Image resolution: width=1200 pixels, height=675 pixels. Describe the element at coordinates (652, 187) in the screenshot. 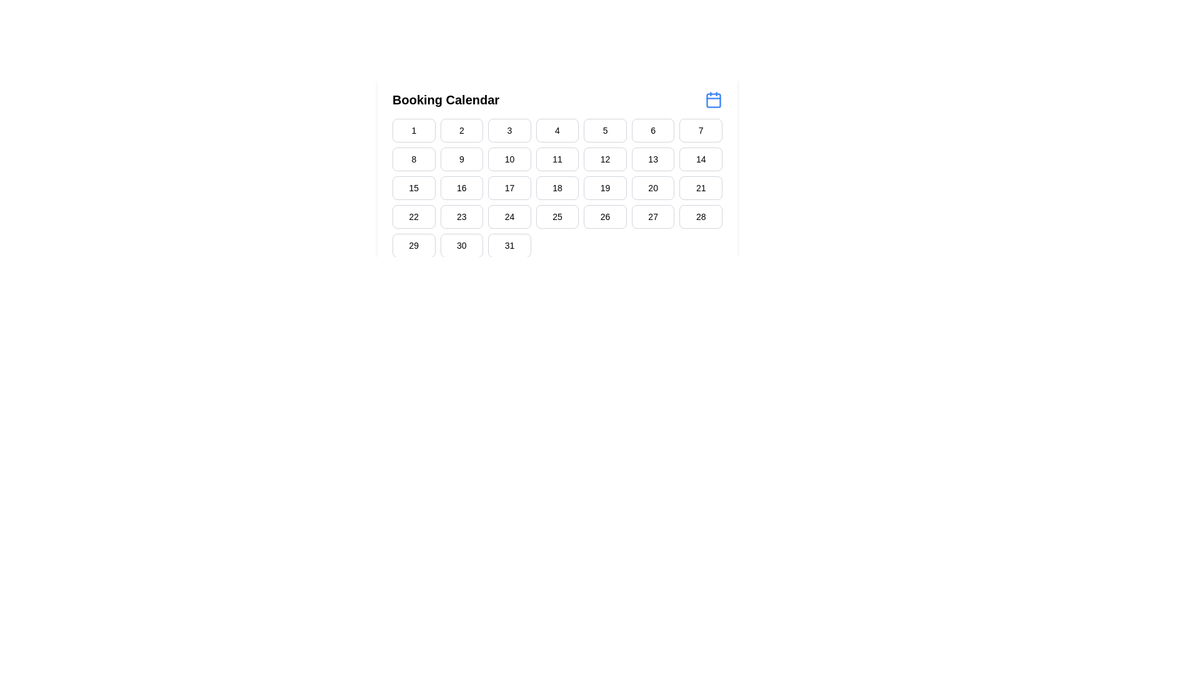

I see `the rectangular button with rounded edges that displays '20', located in the third row and sixth column of a 7-column grid layout` at that location.